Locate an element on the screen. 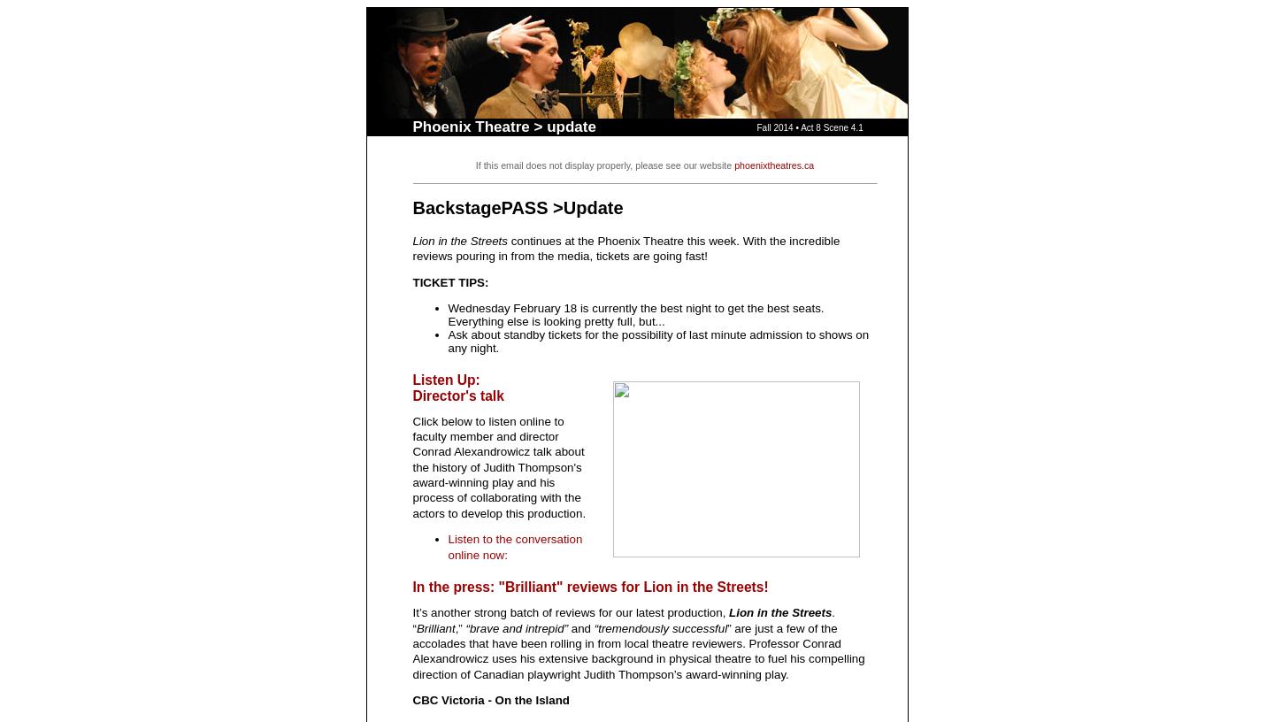  ',”' is located at coordinates (457, 626).